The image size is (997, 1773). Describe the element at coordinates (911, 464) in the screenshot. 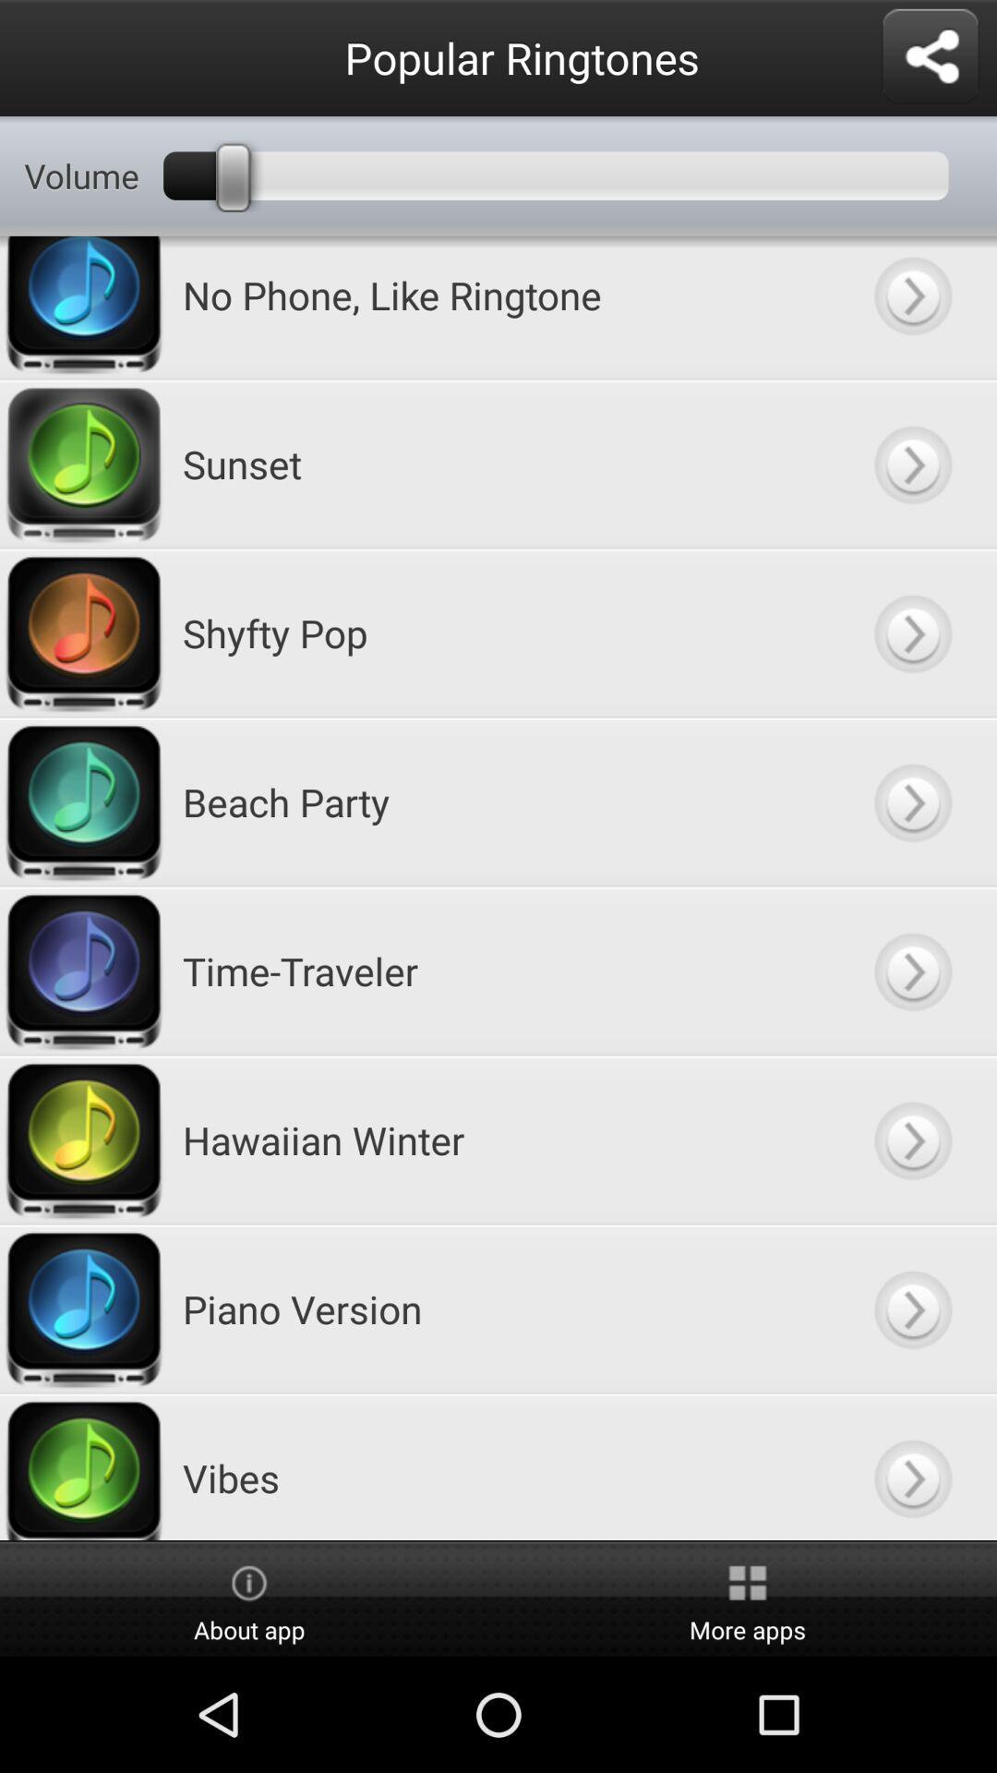

I see `sunset` at that location.